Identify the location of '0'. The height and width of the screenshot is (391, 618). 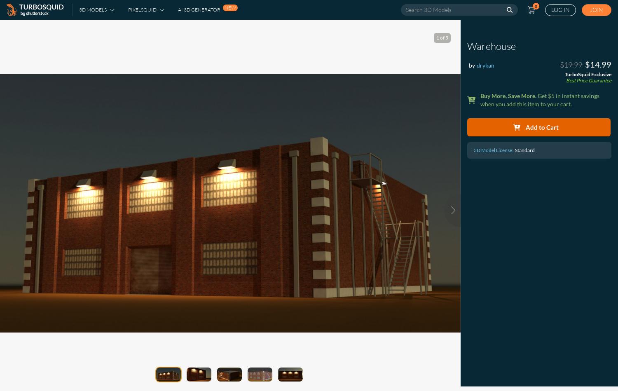
(536, 6).